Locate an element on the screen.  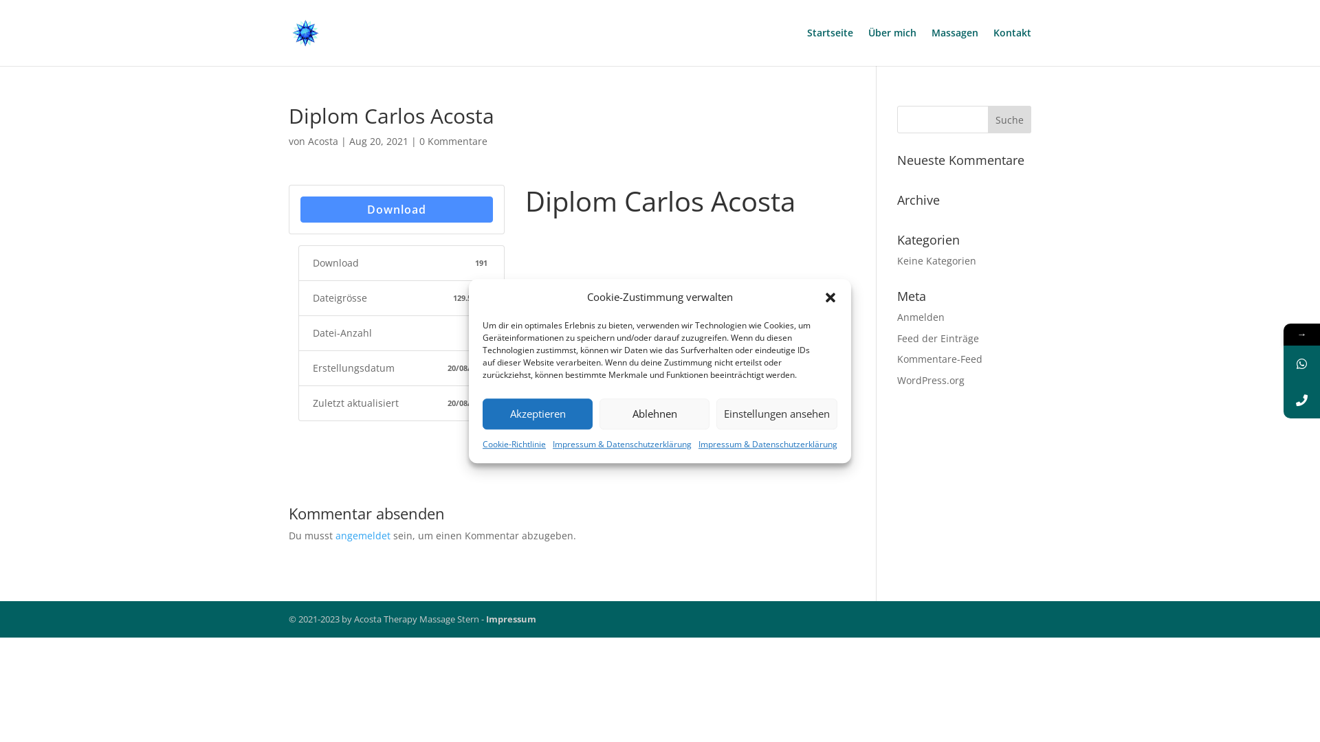
'Anmelden' is located at coordinates (921, 317).